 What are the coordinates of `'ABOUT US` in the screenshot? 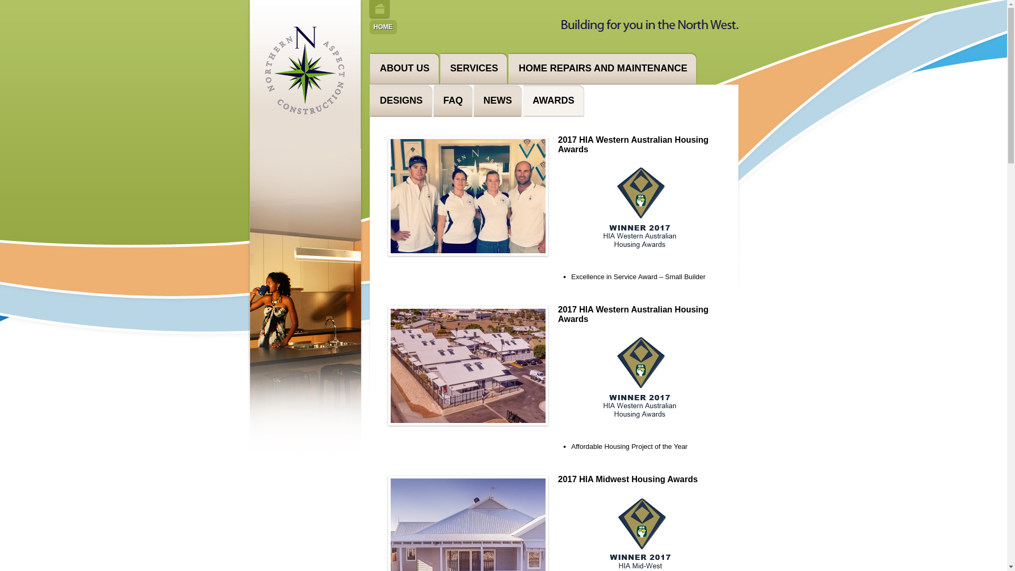 It's located at (403, 68).